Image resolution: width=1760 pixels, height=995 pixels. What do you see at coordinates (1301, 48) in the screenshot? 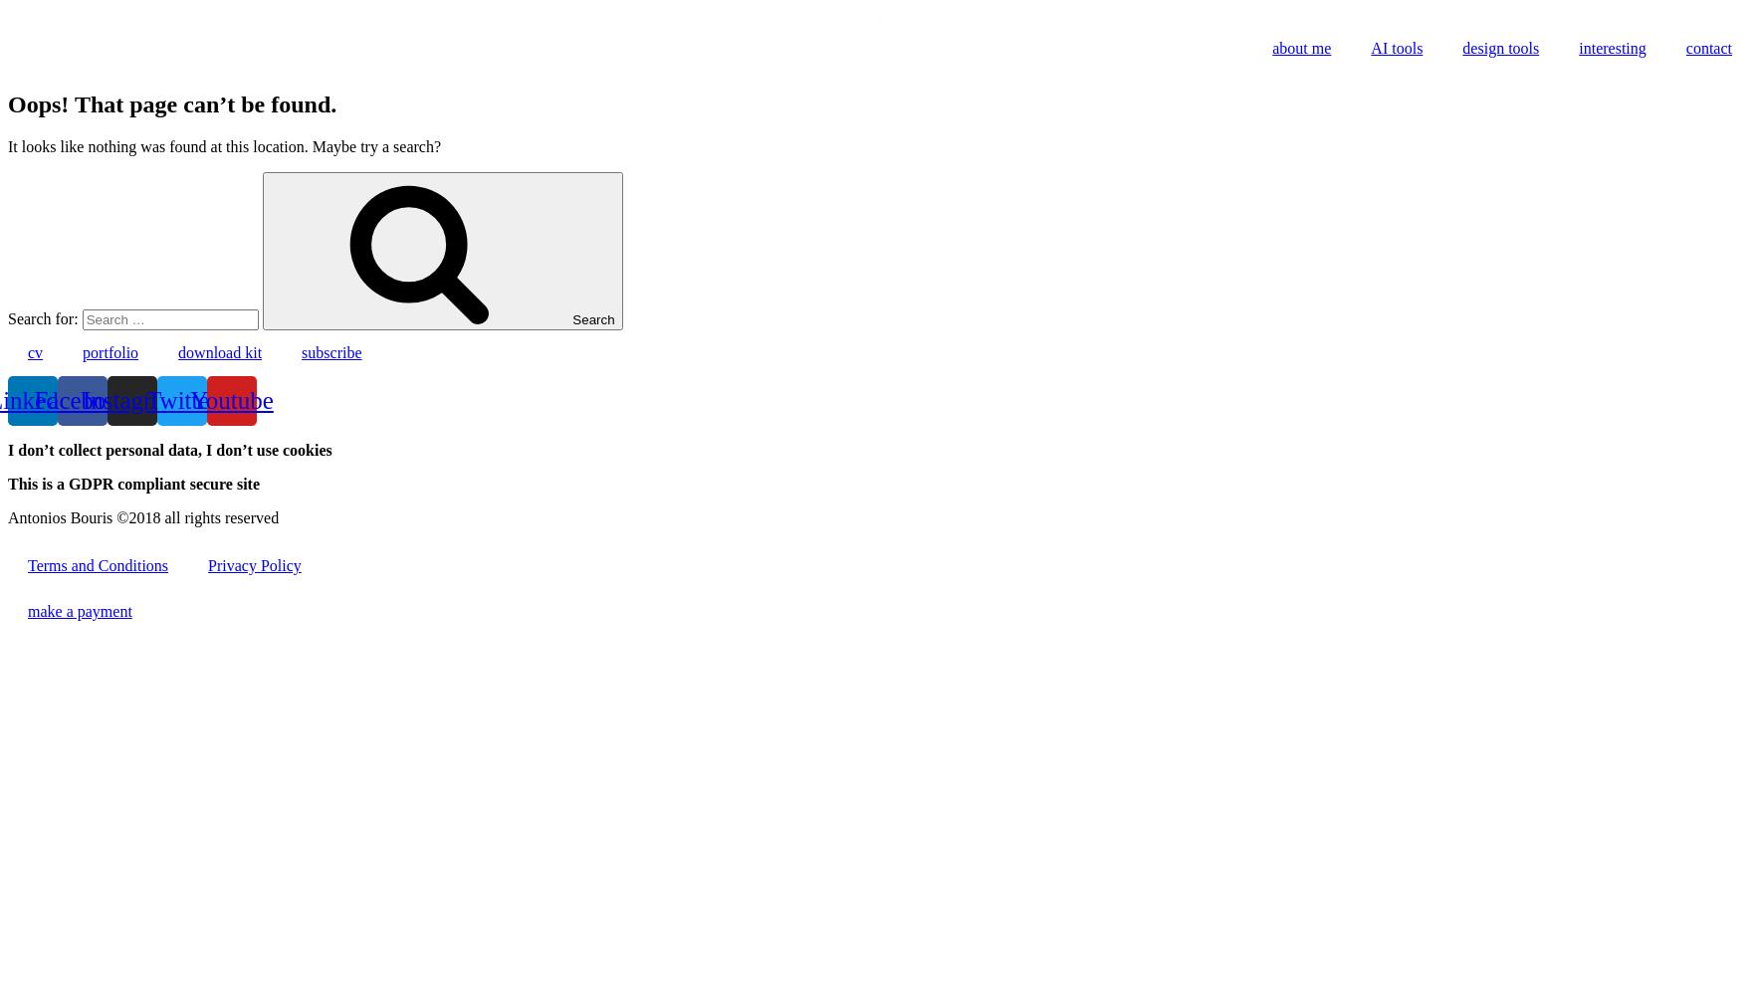
I see `'about me'` at bounding box center [1301, 48].